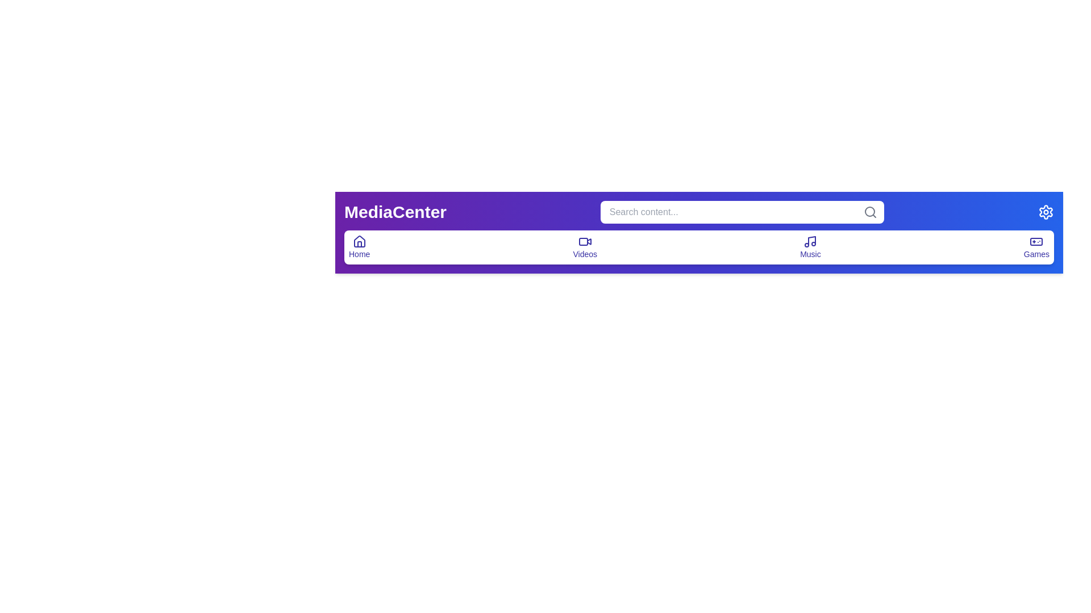 The width and height of the screenshot is (1091, 613). I want to click on the settings icon to open the settings, so click(1046, 212).